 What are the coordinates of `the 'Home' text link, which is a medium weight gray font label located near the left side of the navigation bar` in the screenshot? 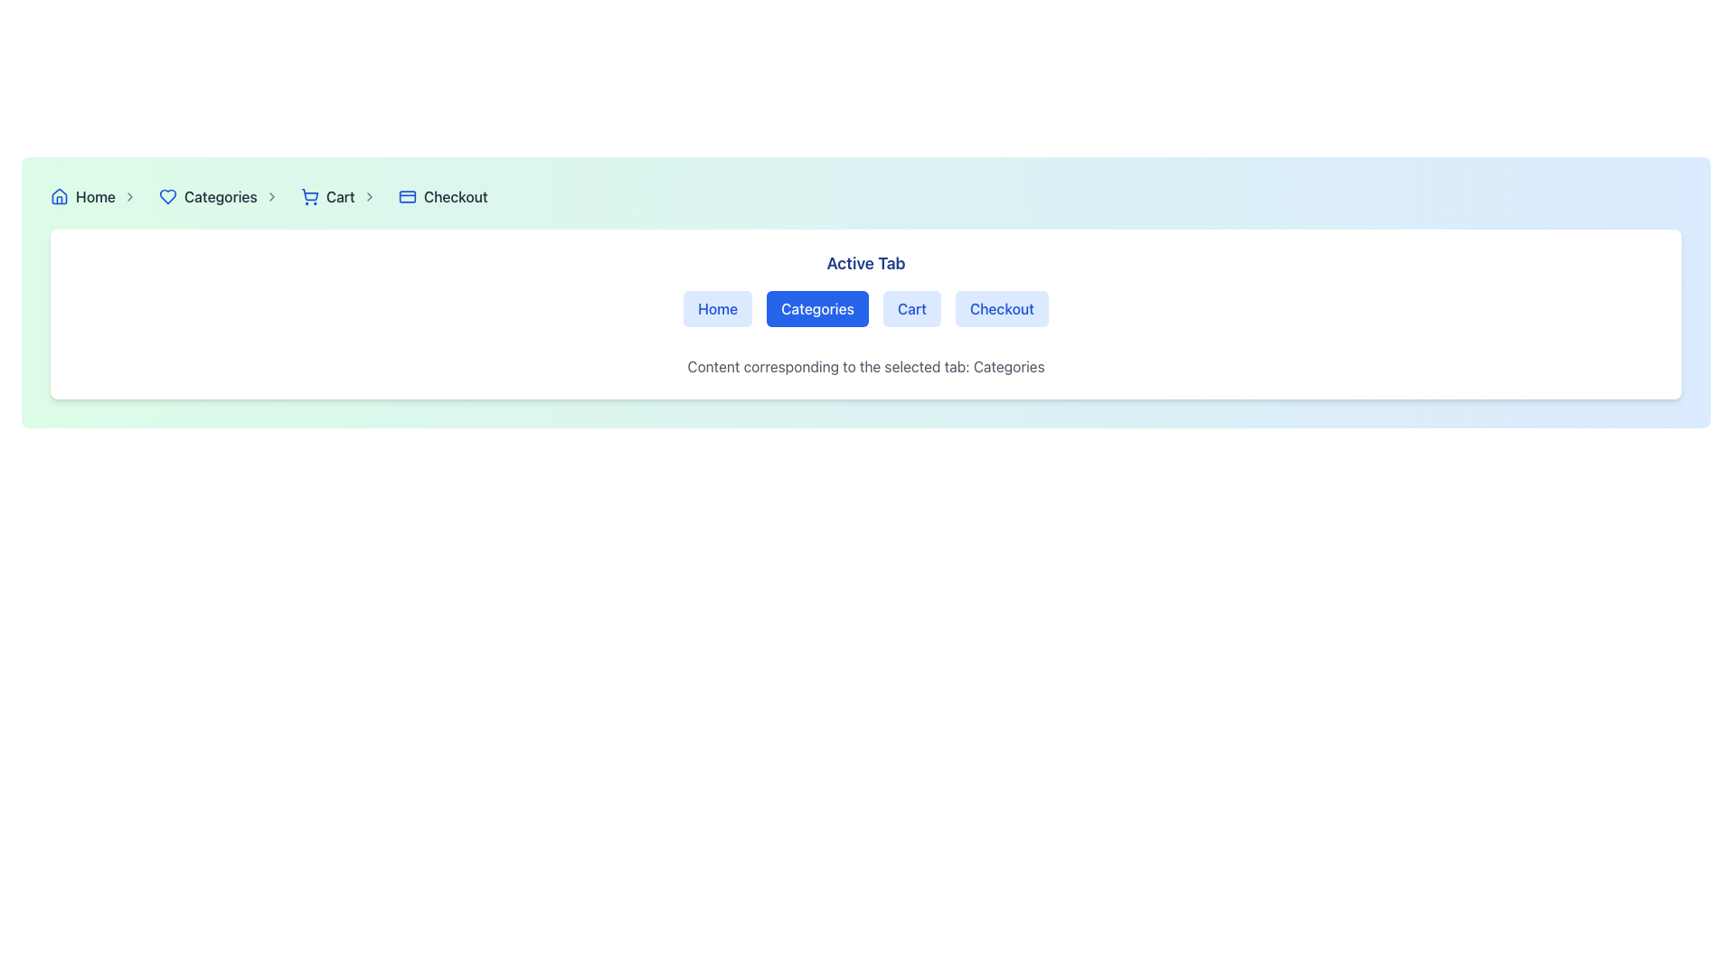 It's located at (94, 197).